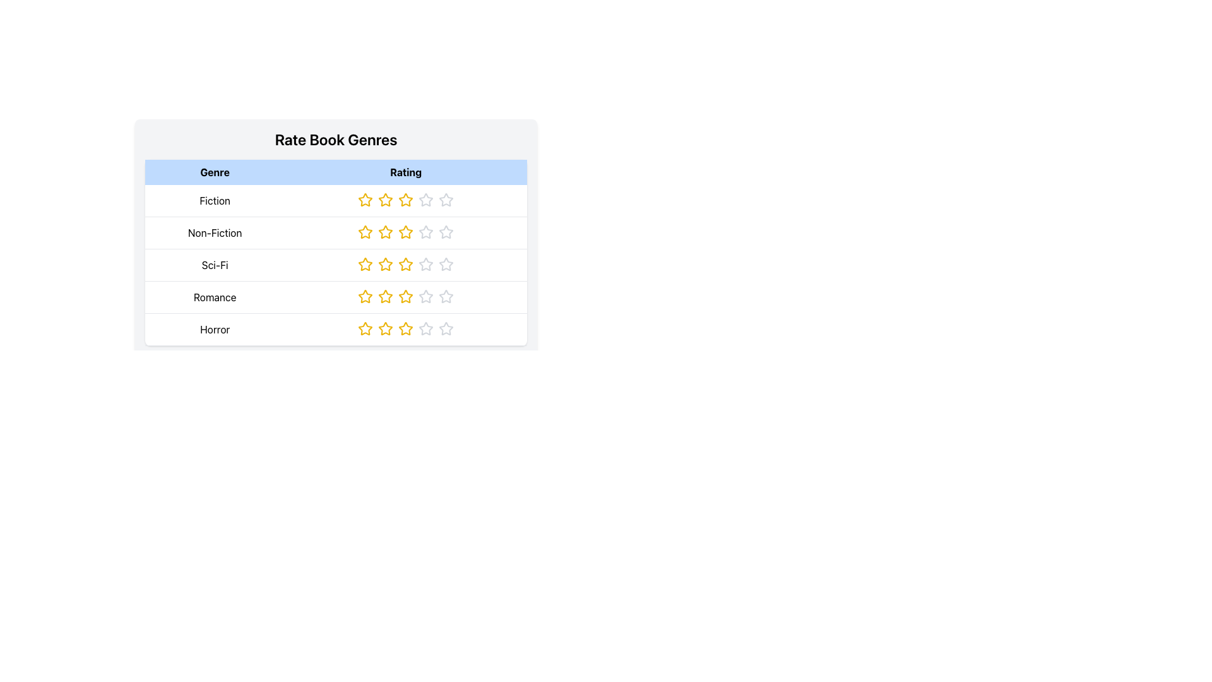 The image size is (1212, 682). I want to click on the selected yellow star icon representing the third star in the Sci-Fi row under the Rating column to rate it, so click(406, 265).